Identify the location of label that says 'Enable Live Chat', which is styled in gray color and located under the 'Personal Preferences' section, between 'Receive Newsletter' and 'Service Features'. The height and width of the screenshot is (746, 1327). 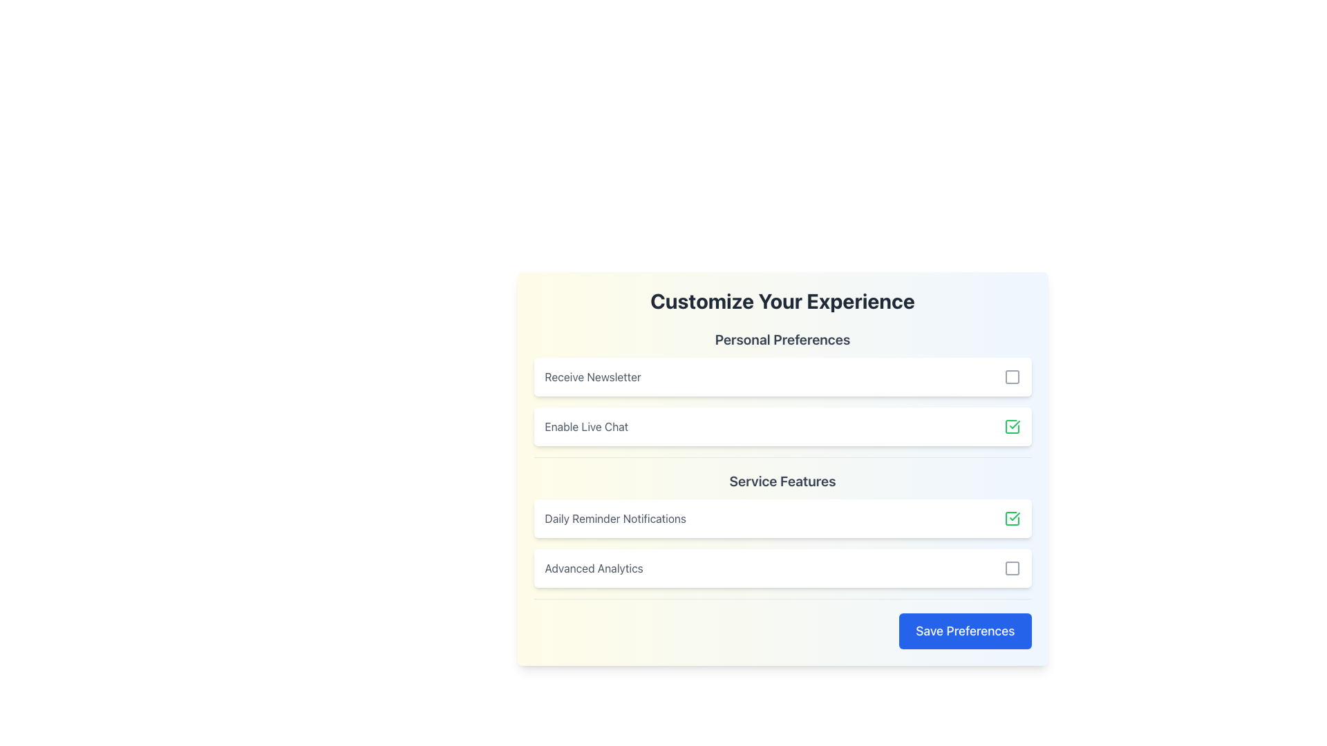
(586, 425).